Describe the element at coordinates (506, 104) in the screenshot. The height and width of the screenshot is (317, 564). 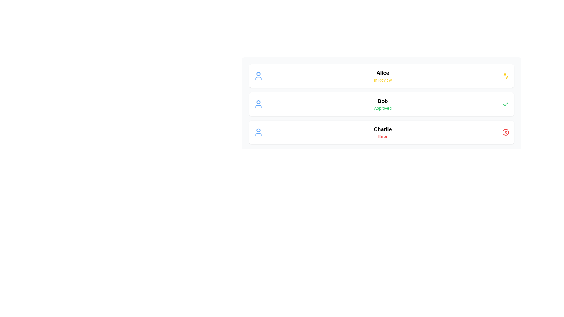
I see `the approval icon located in the second row of an inline list, positioned to the right of the 'Bob' label and 'Approved' status text` at that location.